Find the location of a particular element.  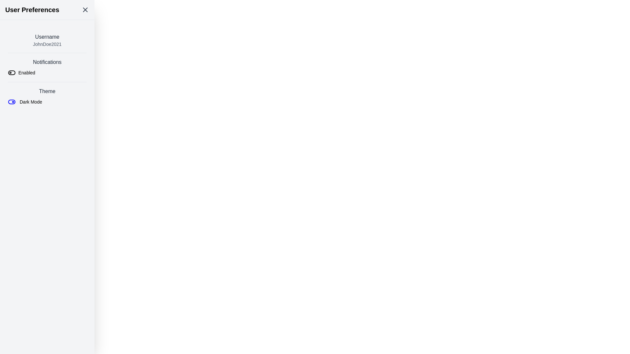

the Graphic Rectangle that serves as the background for the toggle switch indicating the 'Enabled' state under the 'Notifications' section is located at coordinates (11, 73).